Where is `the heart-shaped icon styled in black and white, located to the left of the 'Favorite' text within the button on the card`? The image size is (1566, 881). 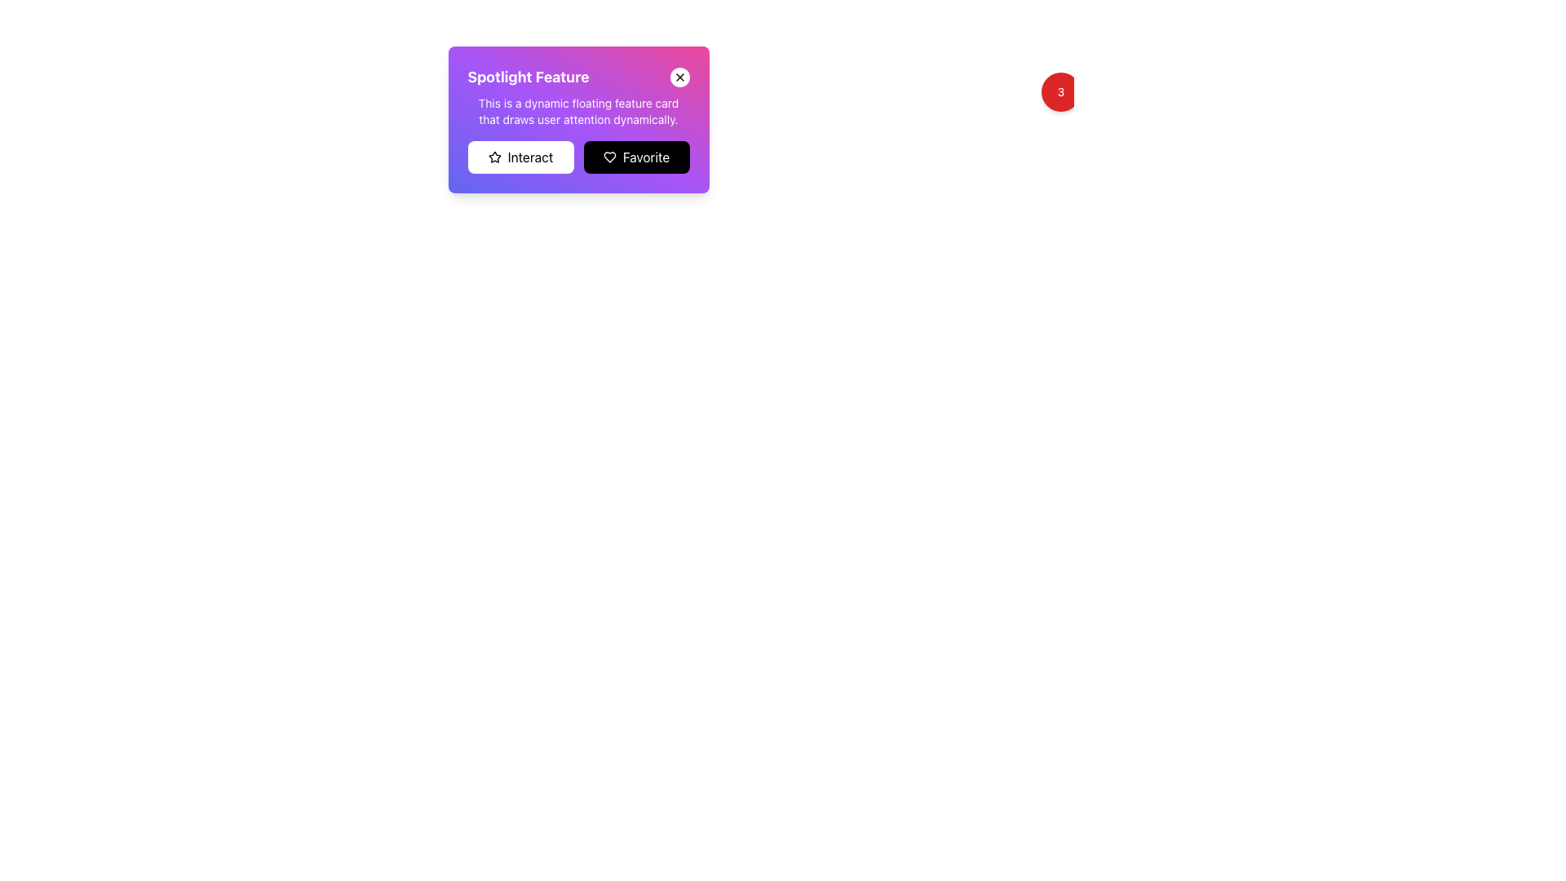
the heart-shaped icon styled in black and white, located to the left of the 'Favorite' text within the button on the card is located at coordinates (608, 157).